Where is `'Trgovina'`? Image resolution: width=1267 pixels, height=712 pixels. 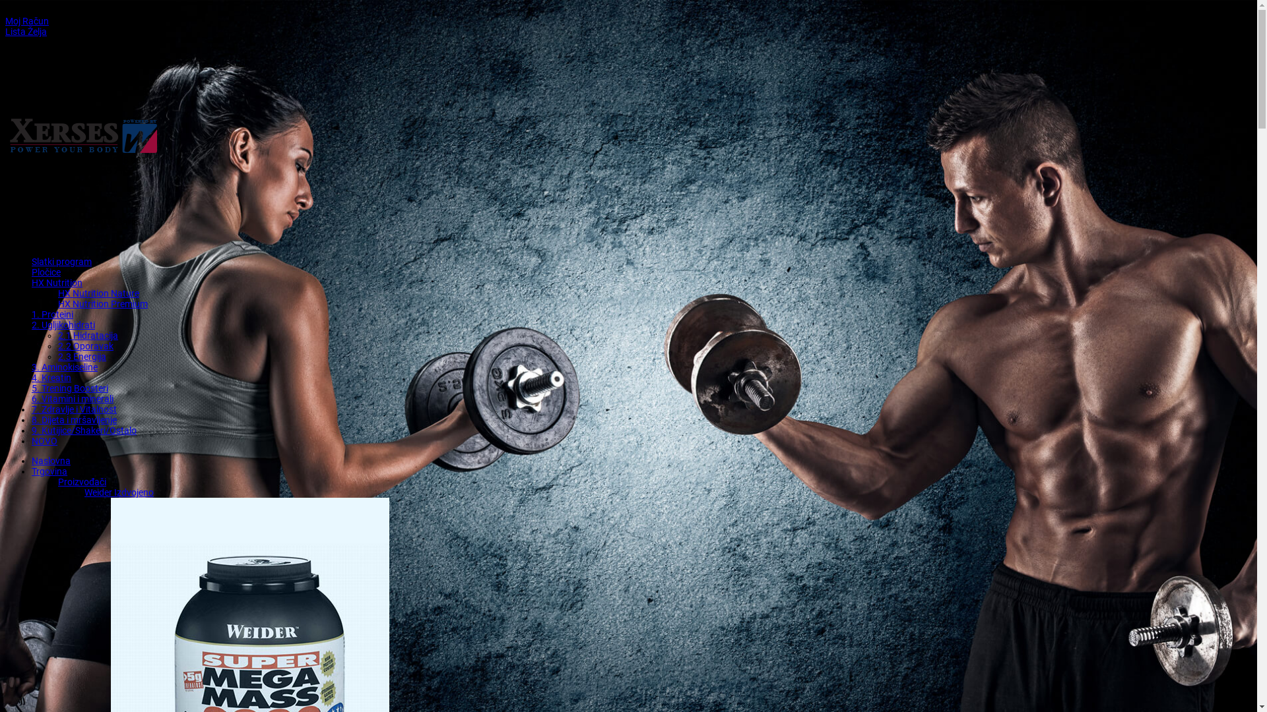 'Trgovina' is located at coordinates (49, 470).